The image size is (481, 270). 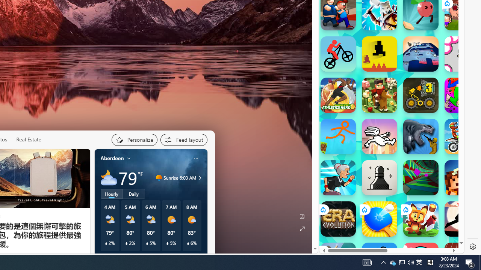 I want to click on 'Tunnel Rush Tunnel Rush', so click(x=421, y=178).